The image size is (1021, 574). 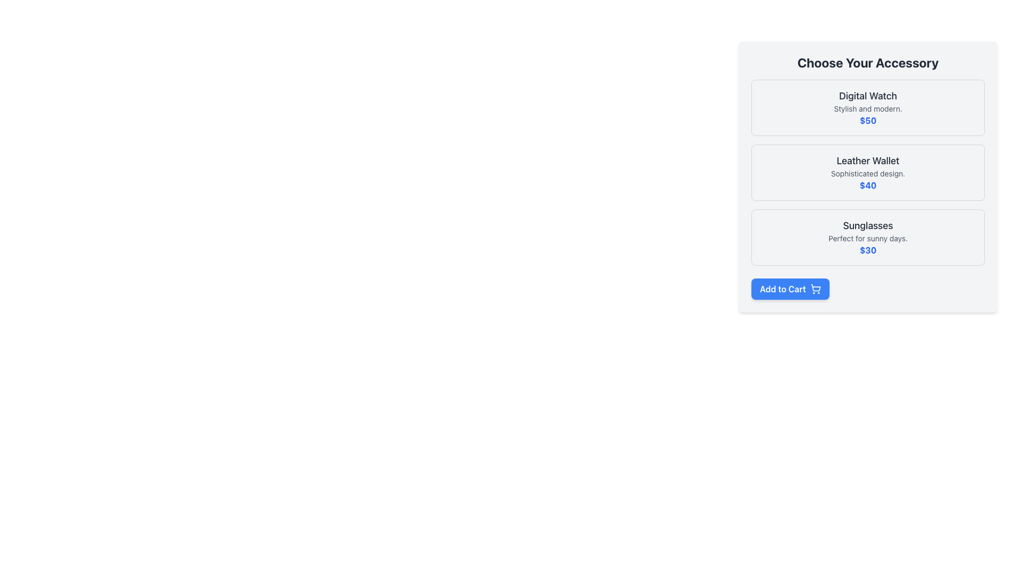 I want to click on the 'Sunglasses' product details button, which displays the product name, description, and price in a rounded rectangle with a light-gray background, so click(x=868, y=237).